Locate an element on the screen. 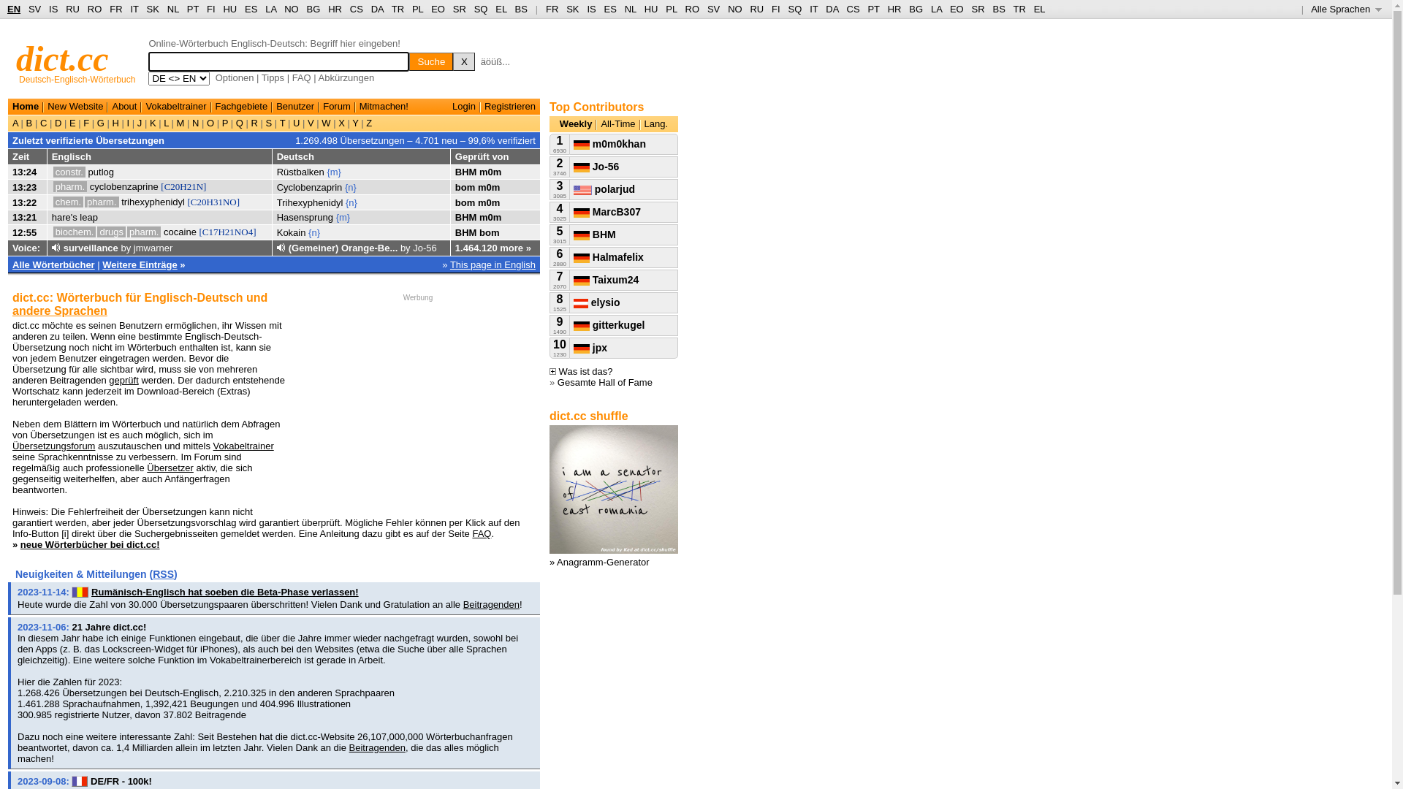 Image resolution: width=1403 pixels, height=789 pixels. 'SR' is located at coordinates (458, 9).